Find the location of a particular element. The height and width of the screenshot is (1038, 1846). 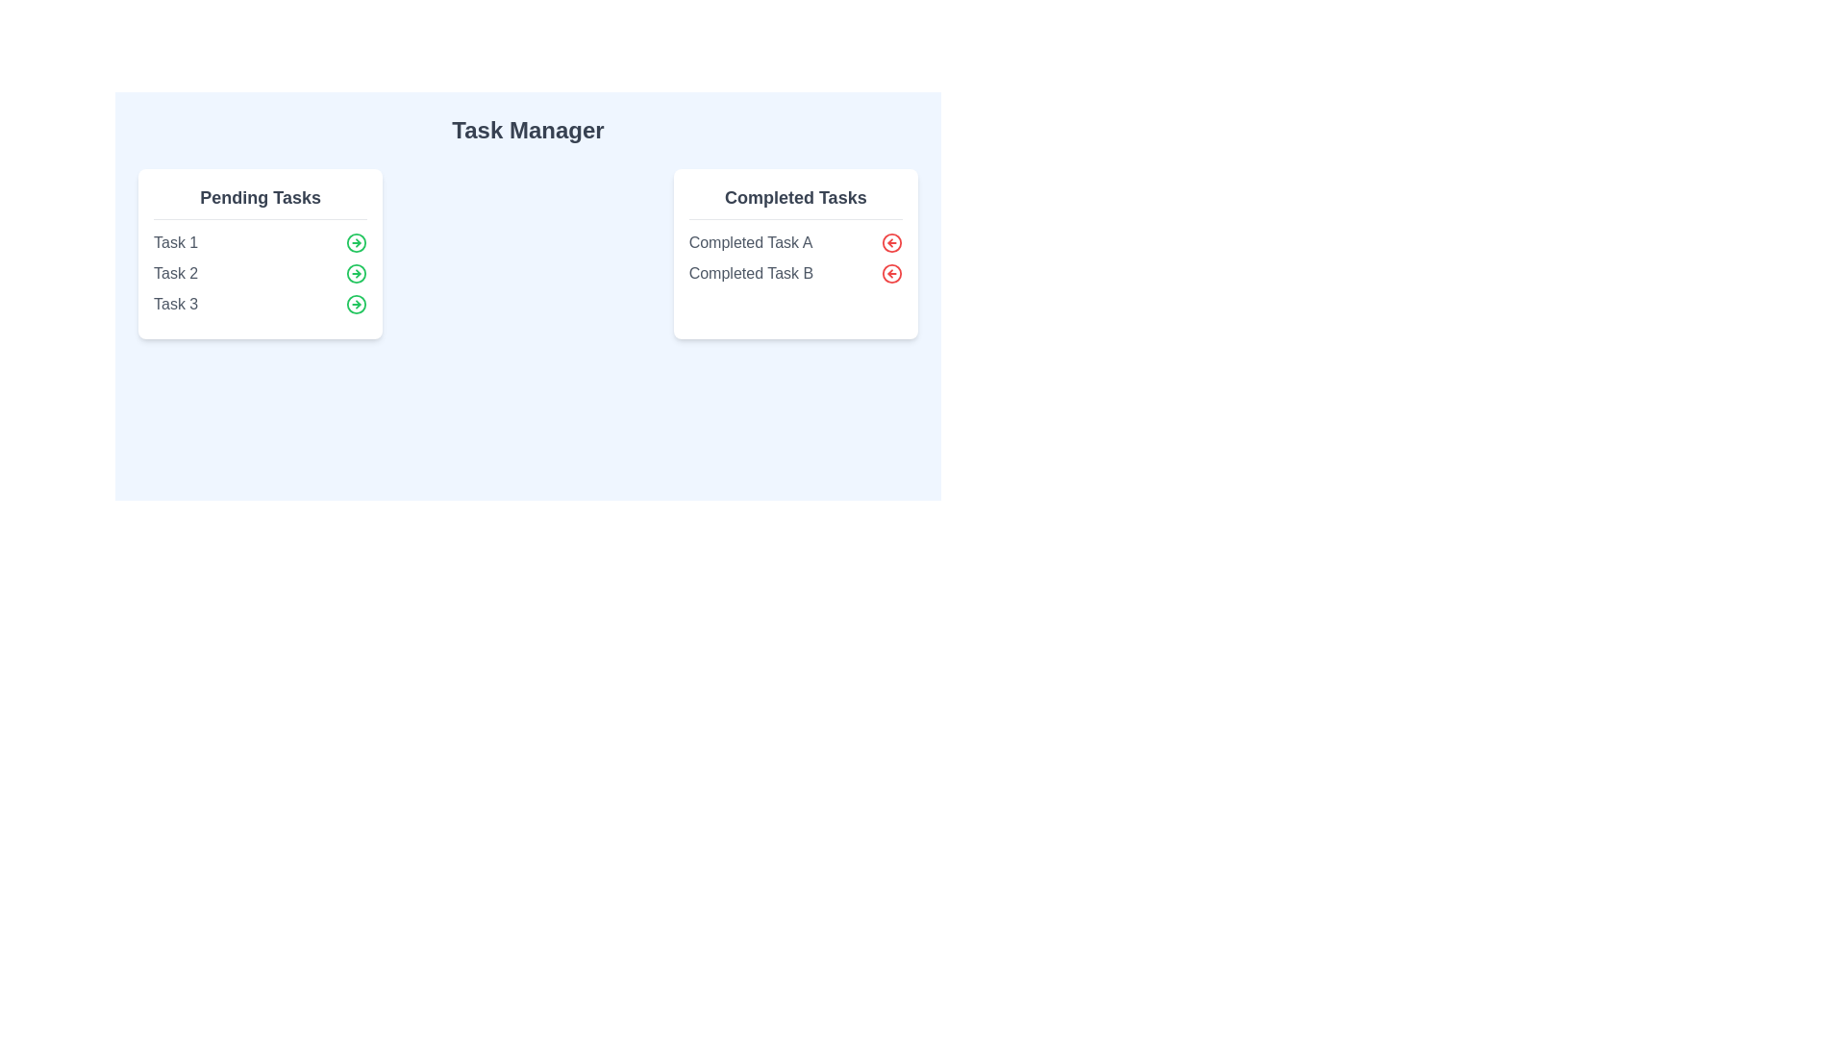

green arrow button for the task labeled Task 1 to transfer it to 'Completed Tasks' is located at coordinates (357, 242).